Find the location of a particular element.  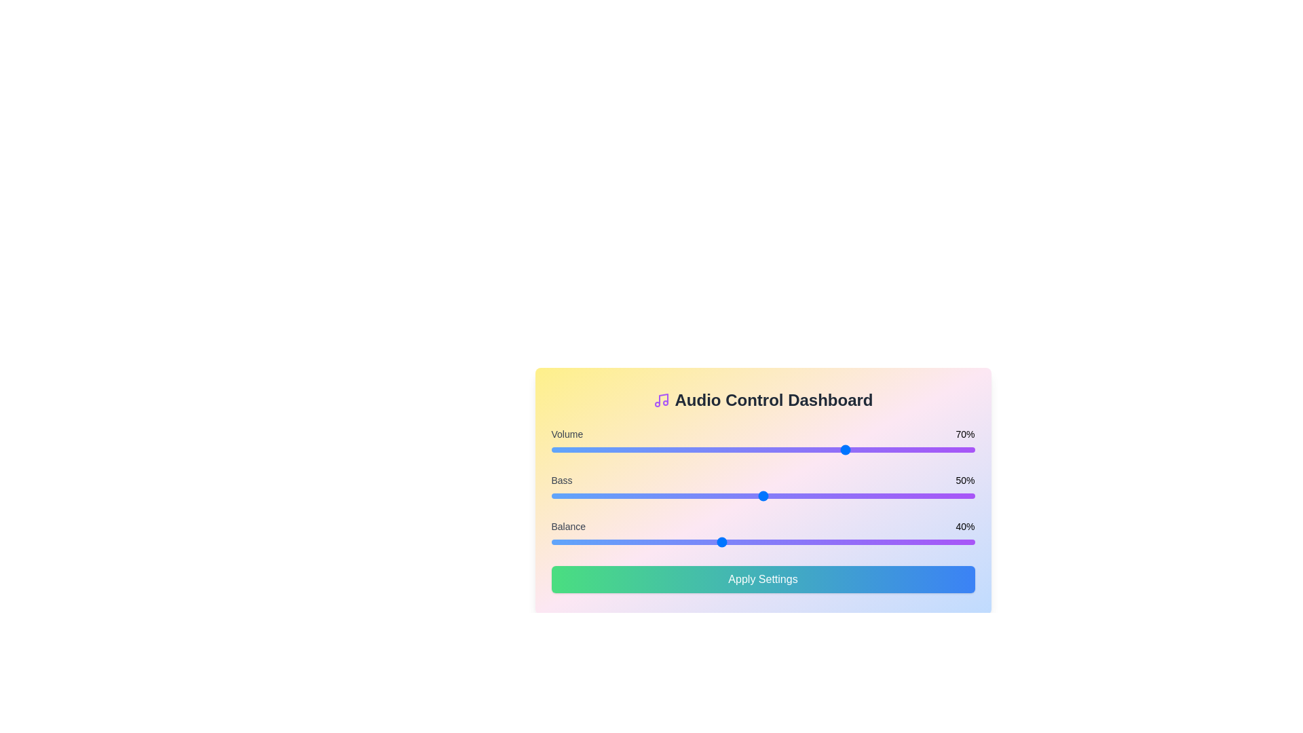

balance is located at coordinates (915, 541).